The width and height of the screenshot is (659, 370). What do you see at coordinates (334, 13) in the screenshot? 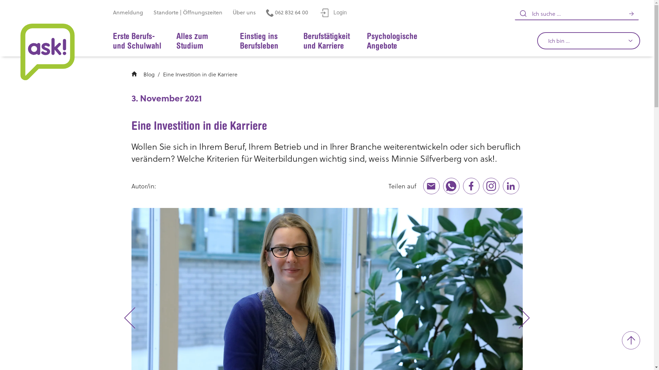
I see `'Login'` at bounding box center [334, 13].